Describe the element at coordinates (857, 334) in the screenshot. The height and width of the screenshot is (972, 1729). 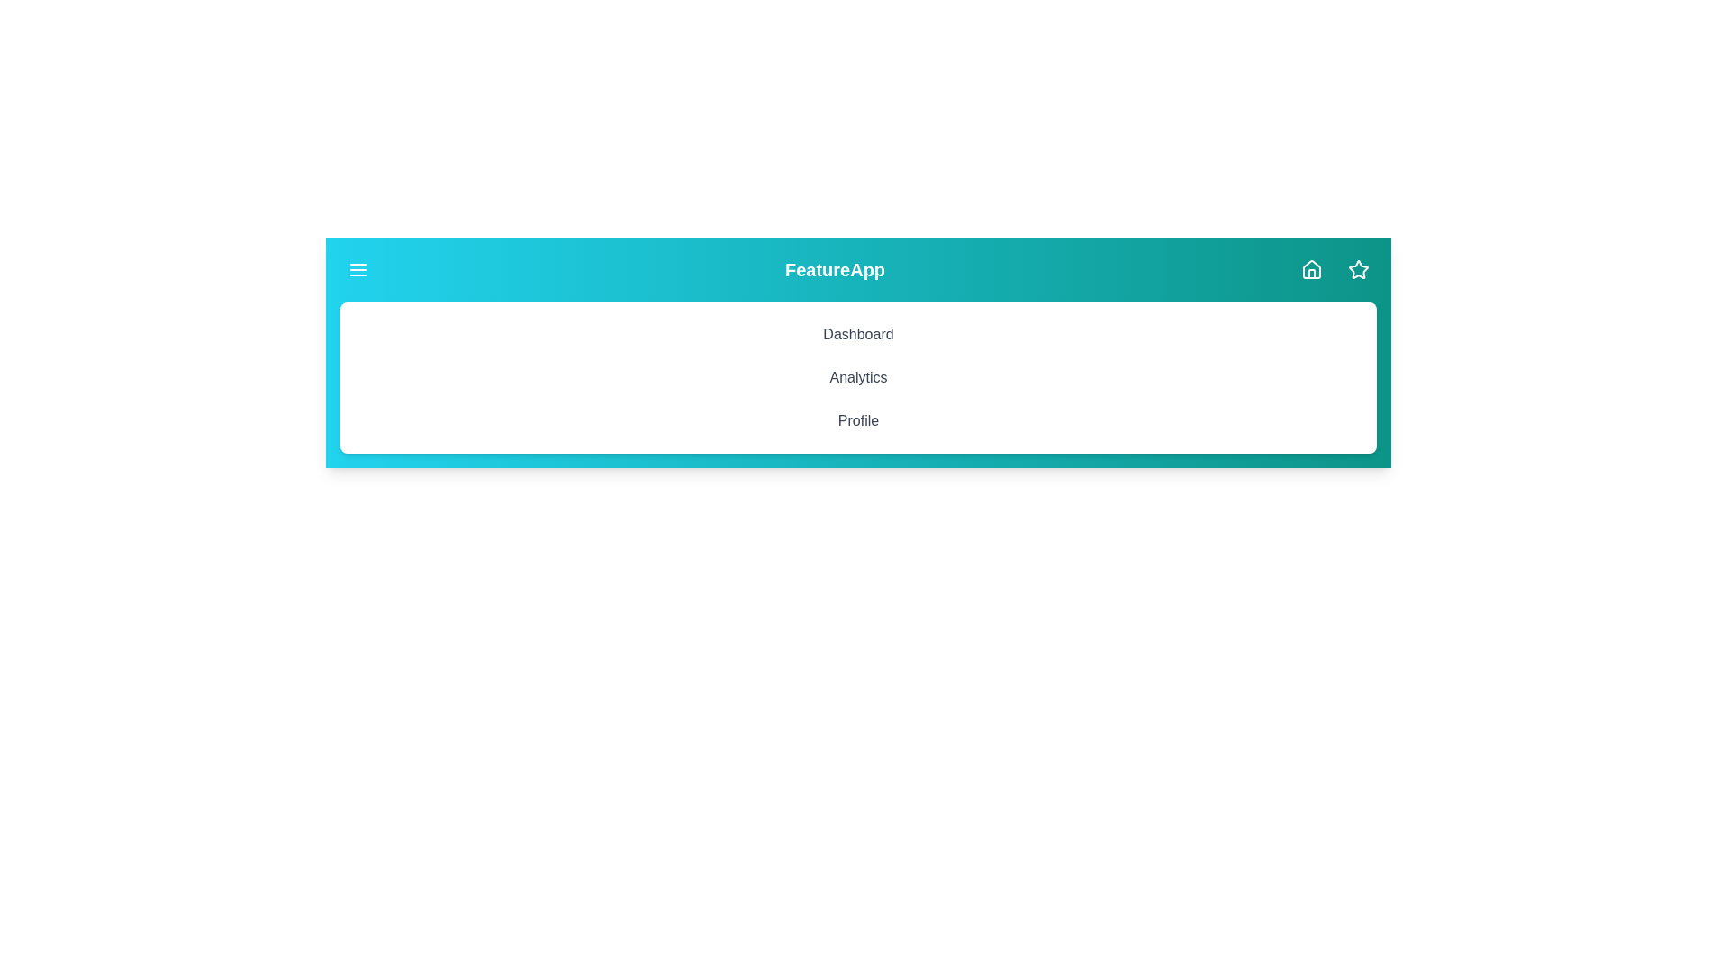
I see `the 'Dashboard' menu item to navigate to the Dashboard section` at that location.